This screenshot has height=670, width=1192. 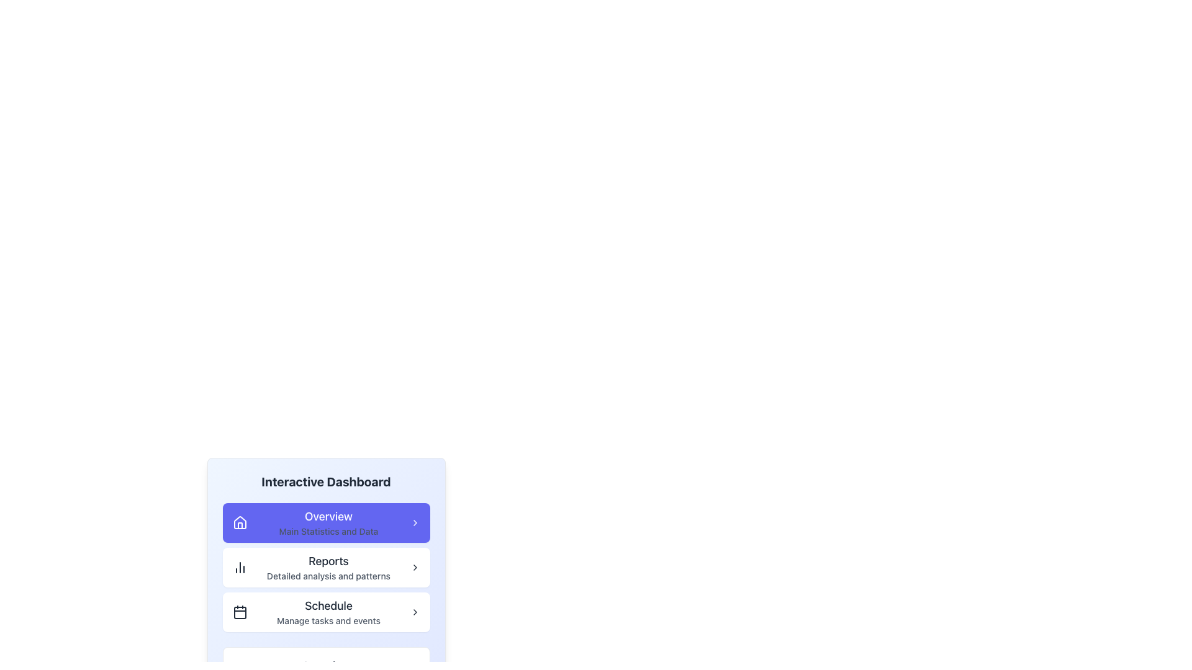 What do you see at coordinates (415, 523) in the screenshot?
I see `the chevron icon located at the rightmost side of the 'Overview' button in the blue sidebar menu for visual cues` at bounding box center [415, 523].